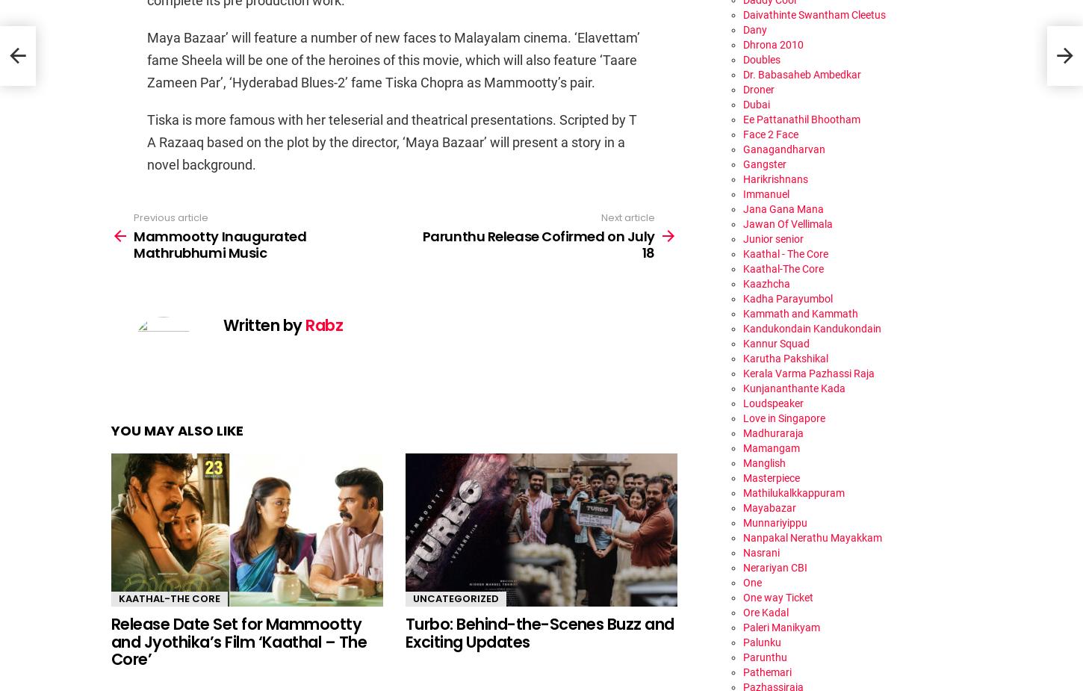 The height and width of the screenshot is (691, 1083). I want to click on 'Jana Gana Mana', so click(783, 207).